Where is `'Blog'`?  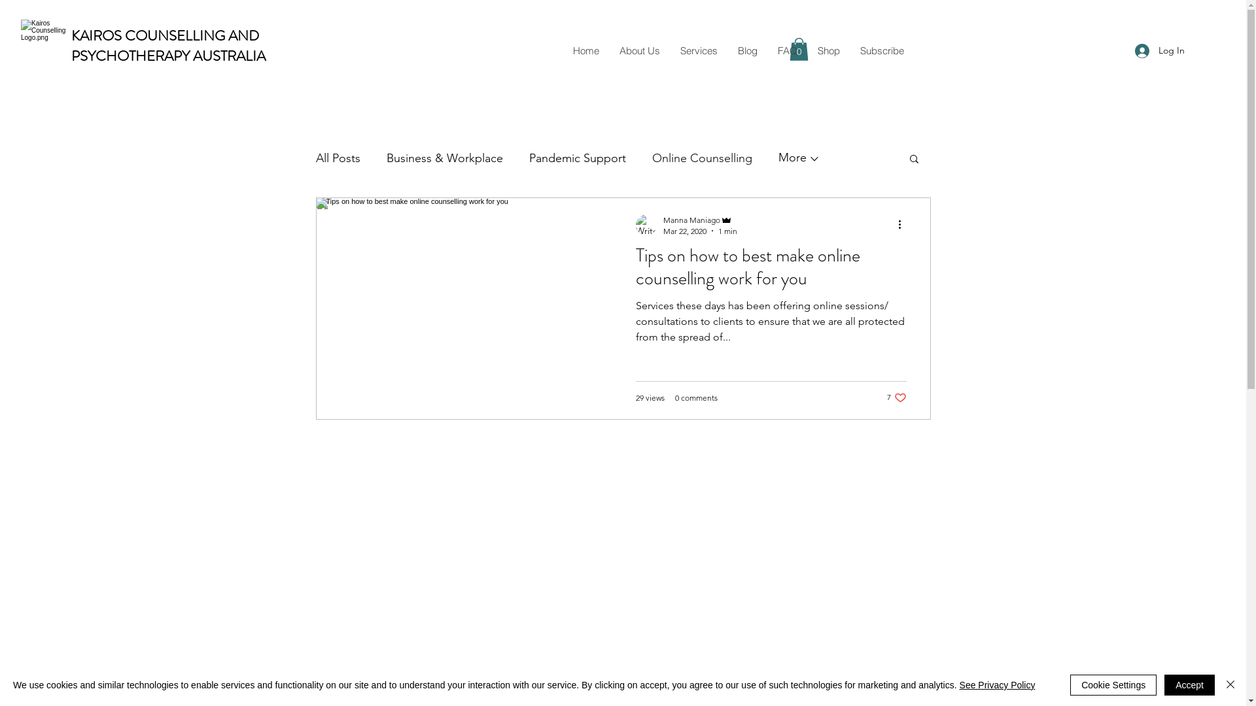 'Blog' is located at coordinates (747, 50).